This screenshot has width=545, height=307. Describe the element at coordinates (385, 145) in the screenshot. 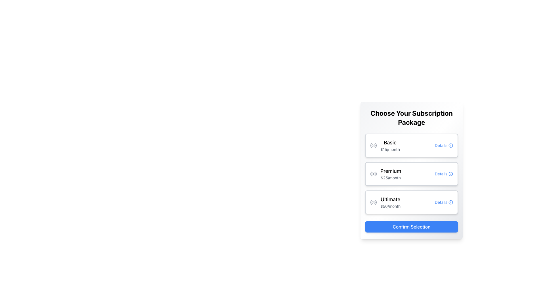

I see `displayed text 'Basic' and '$15/month' from the Text Display with Icon located at the top of the subscription package list` at that location.